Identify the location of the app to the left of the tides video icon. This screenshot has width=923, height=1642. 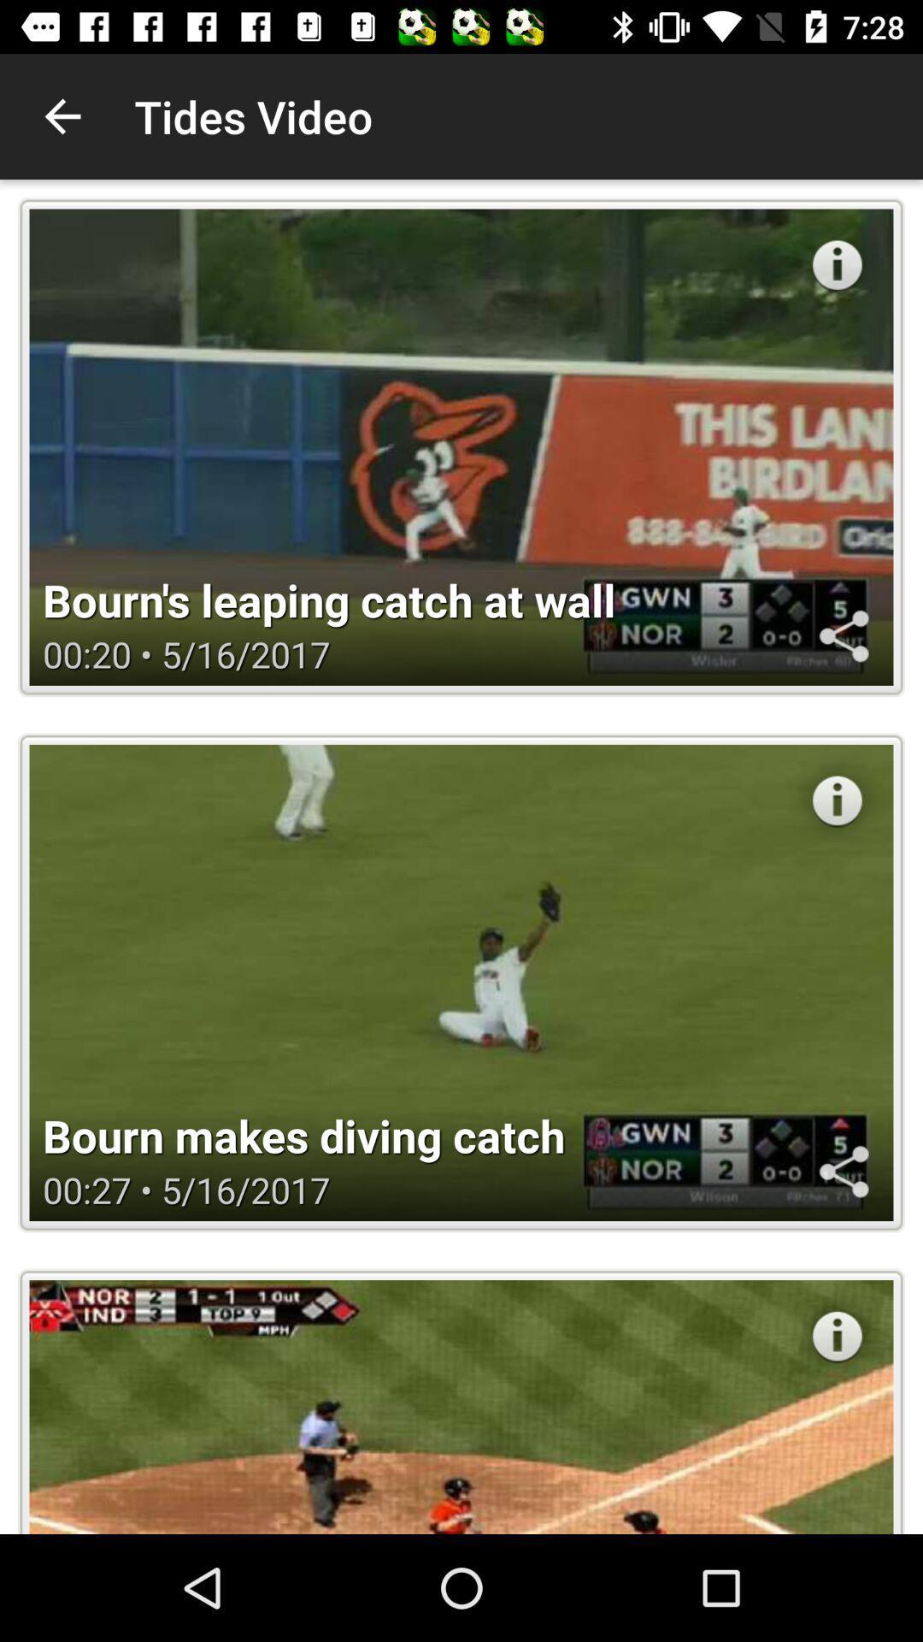
(62, 115).